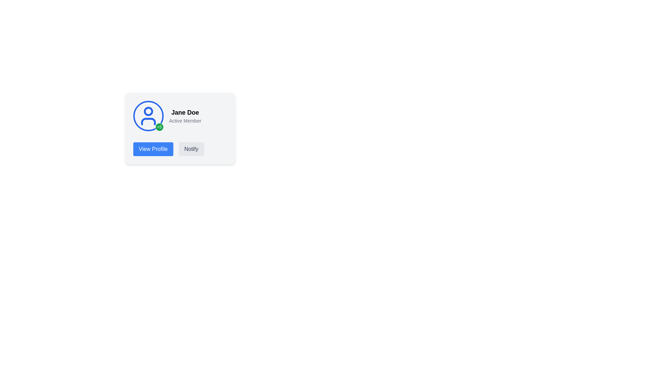 This screenshot has height=373, width=663. I want to click on the 'View Profile' button, which is a rectangular button with rounded corners and white text on a blue background, located to the left of the 'Notify' button, so click(153, 149).